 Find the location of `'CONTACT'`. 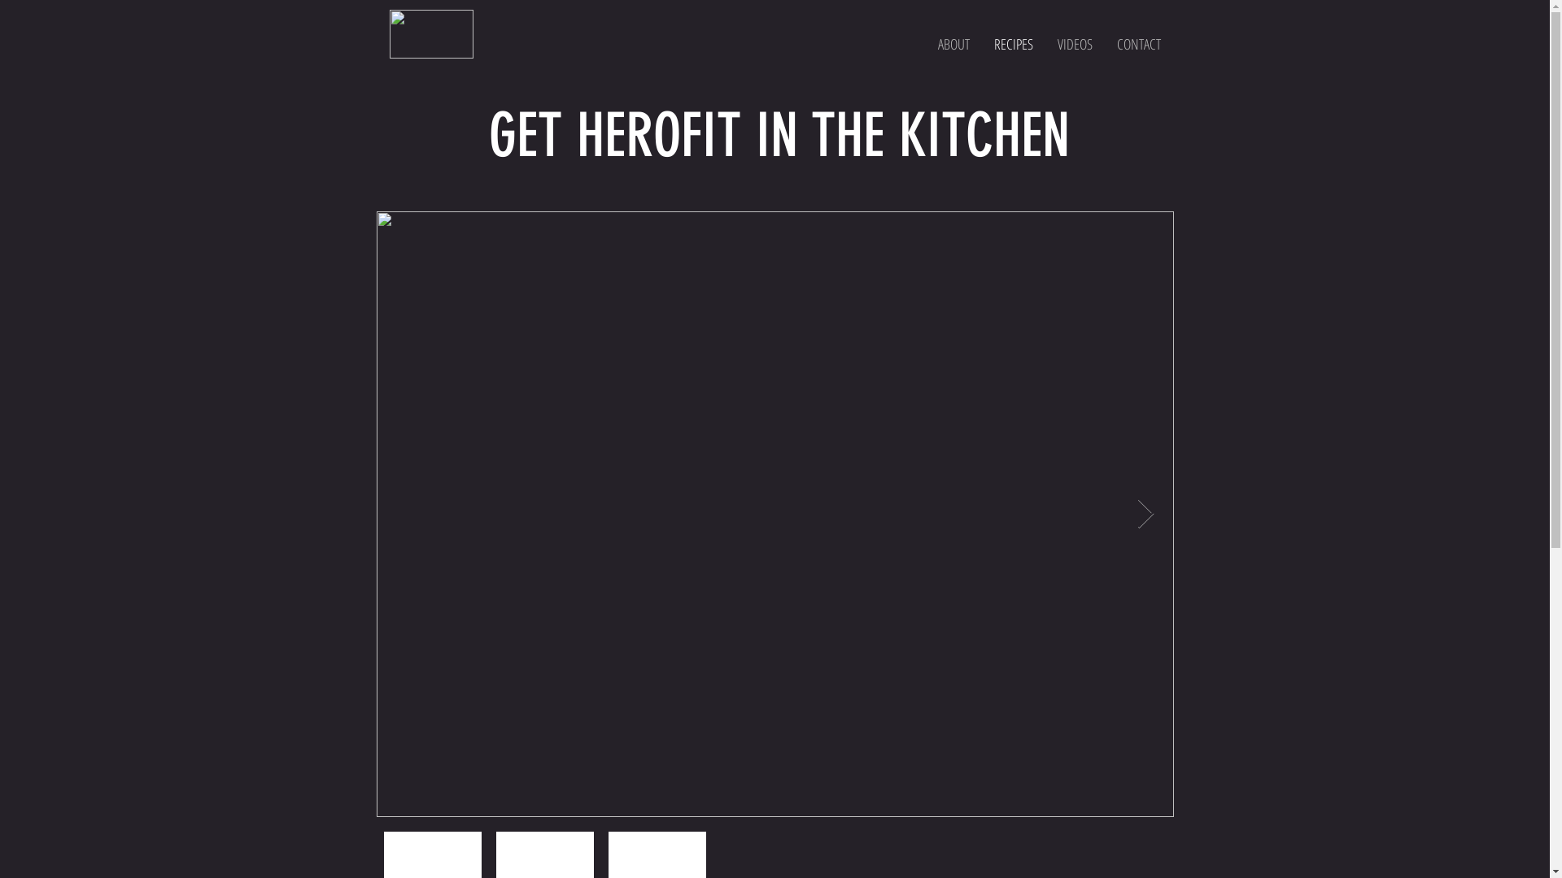

'CONTACT' is located at coordinates (1105, 43).